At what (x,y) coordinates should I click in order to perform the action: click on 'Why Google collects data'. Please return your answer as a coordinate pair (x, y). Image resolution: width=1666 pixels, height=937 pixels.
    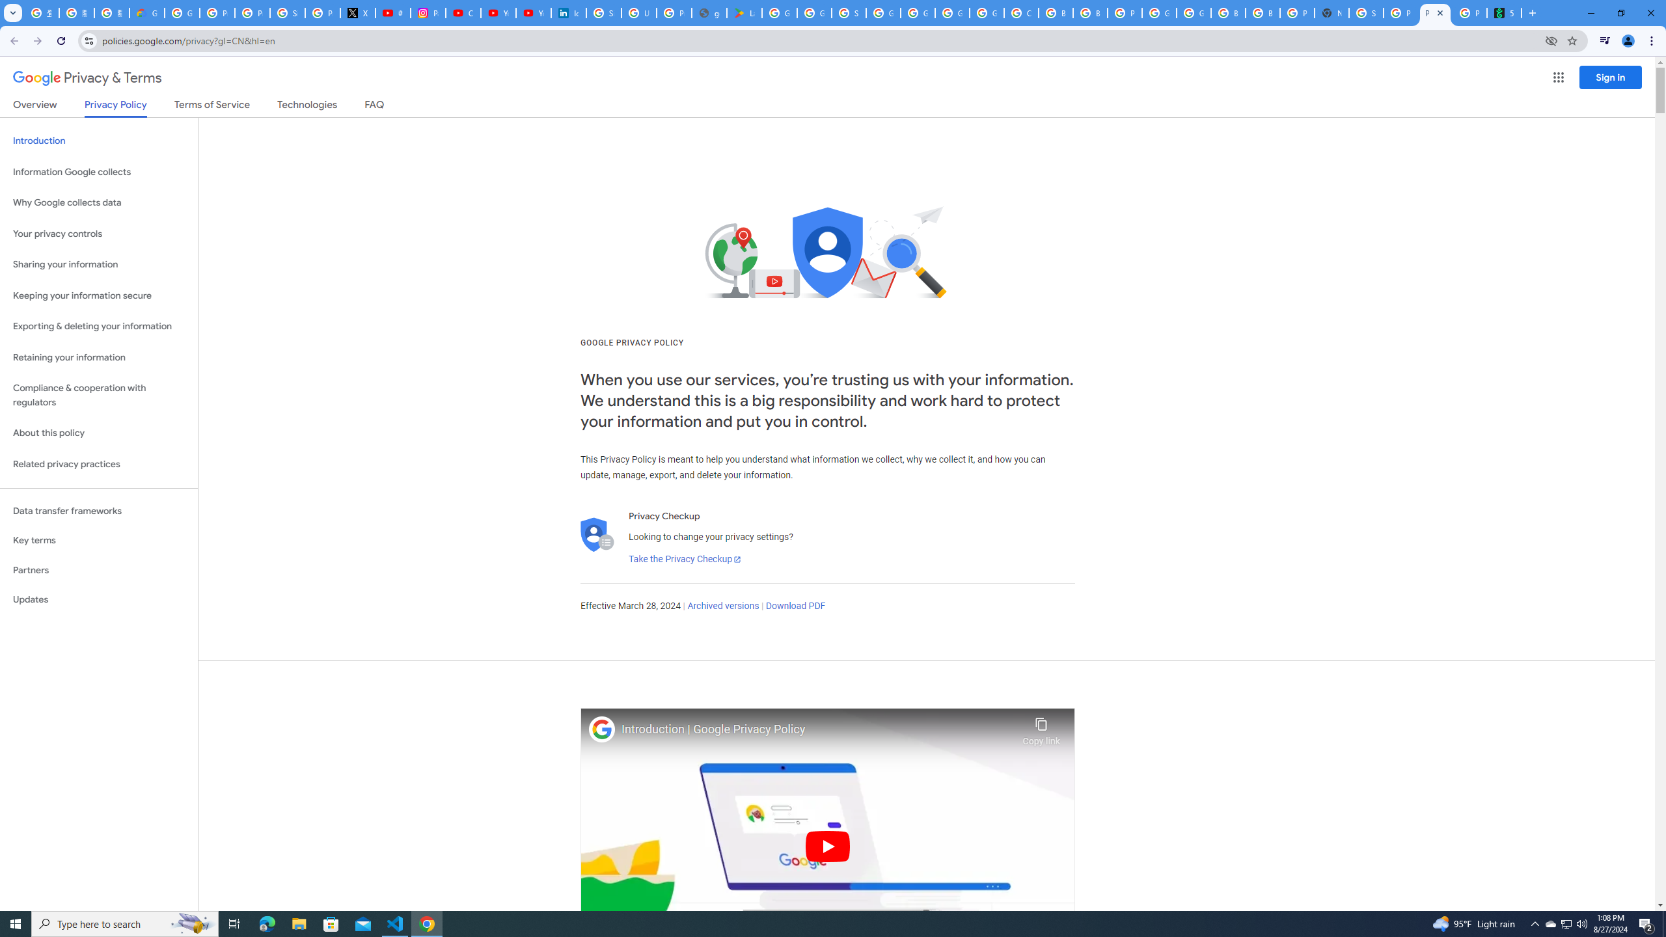
    Looking at the image, I should click on (98, 202).